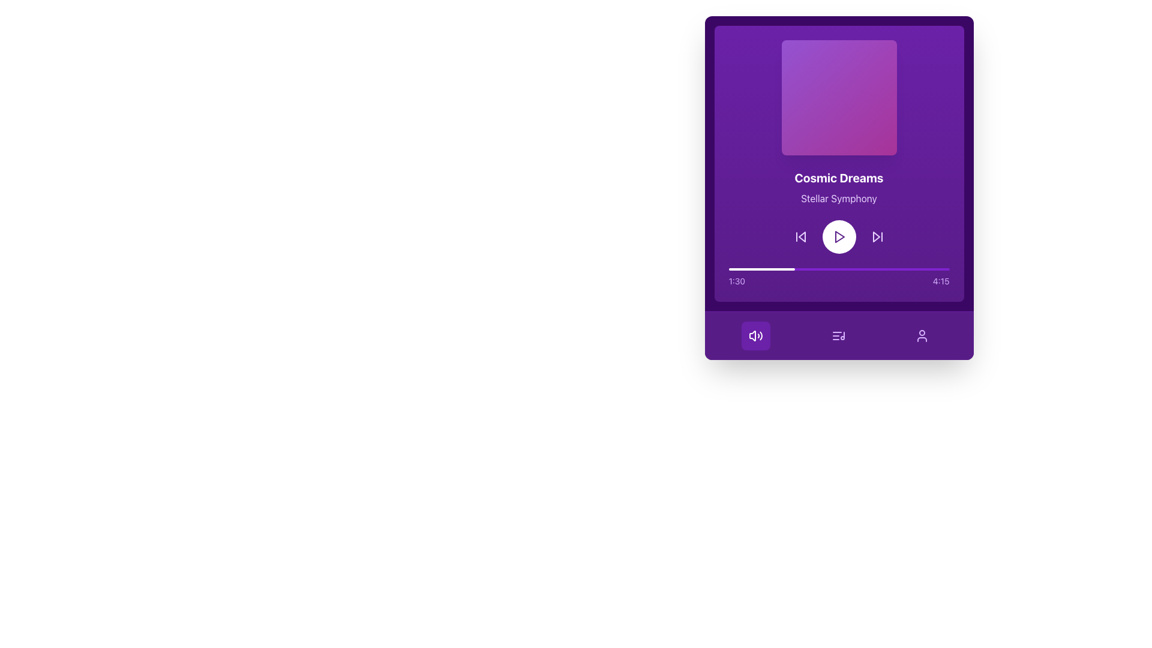  What do you see at coordinates (728, 268) in the screenshot?
I see `the slider position` at bounding box center [728, 268].